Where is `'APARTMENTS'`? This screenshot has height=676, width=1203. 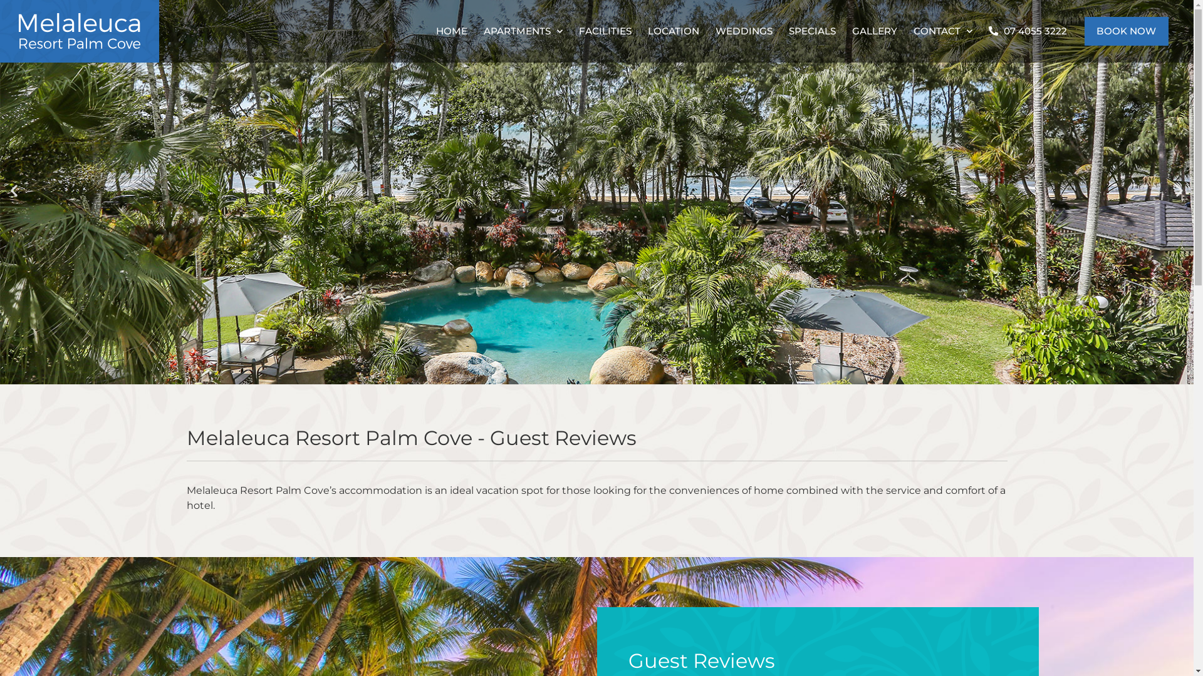 'APARTMENTS' is located at coordinates (523, 31).